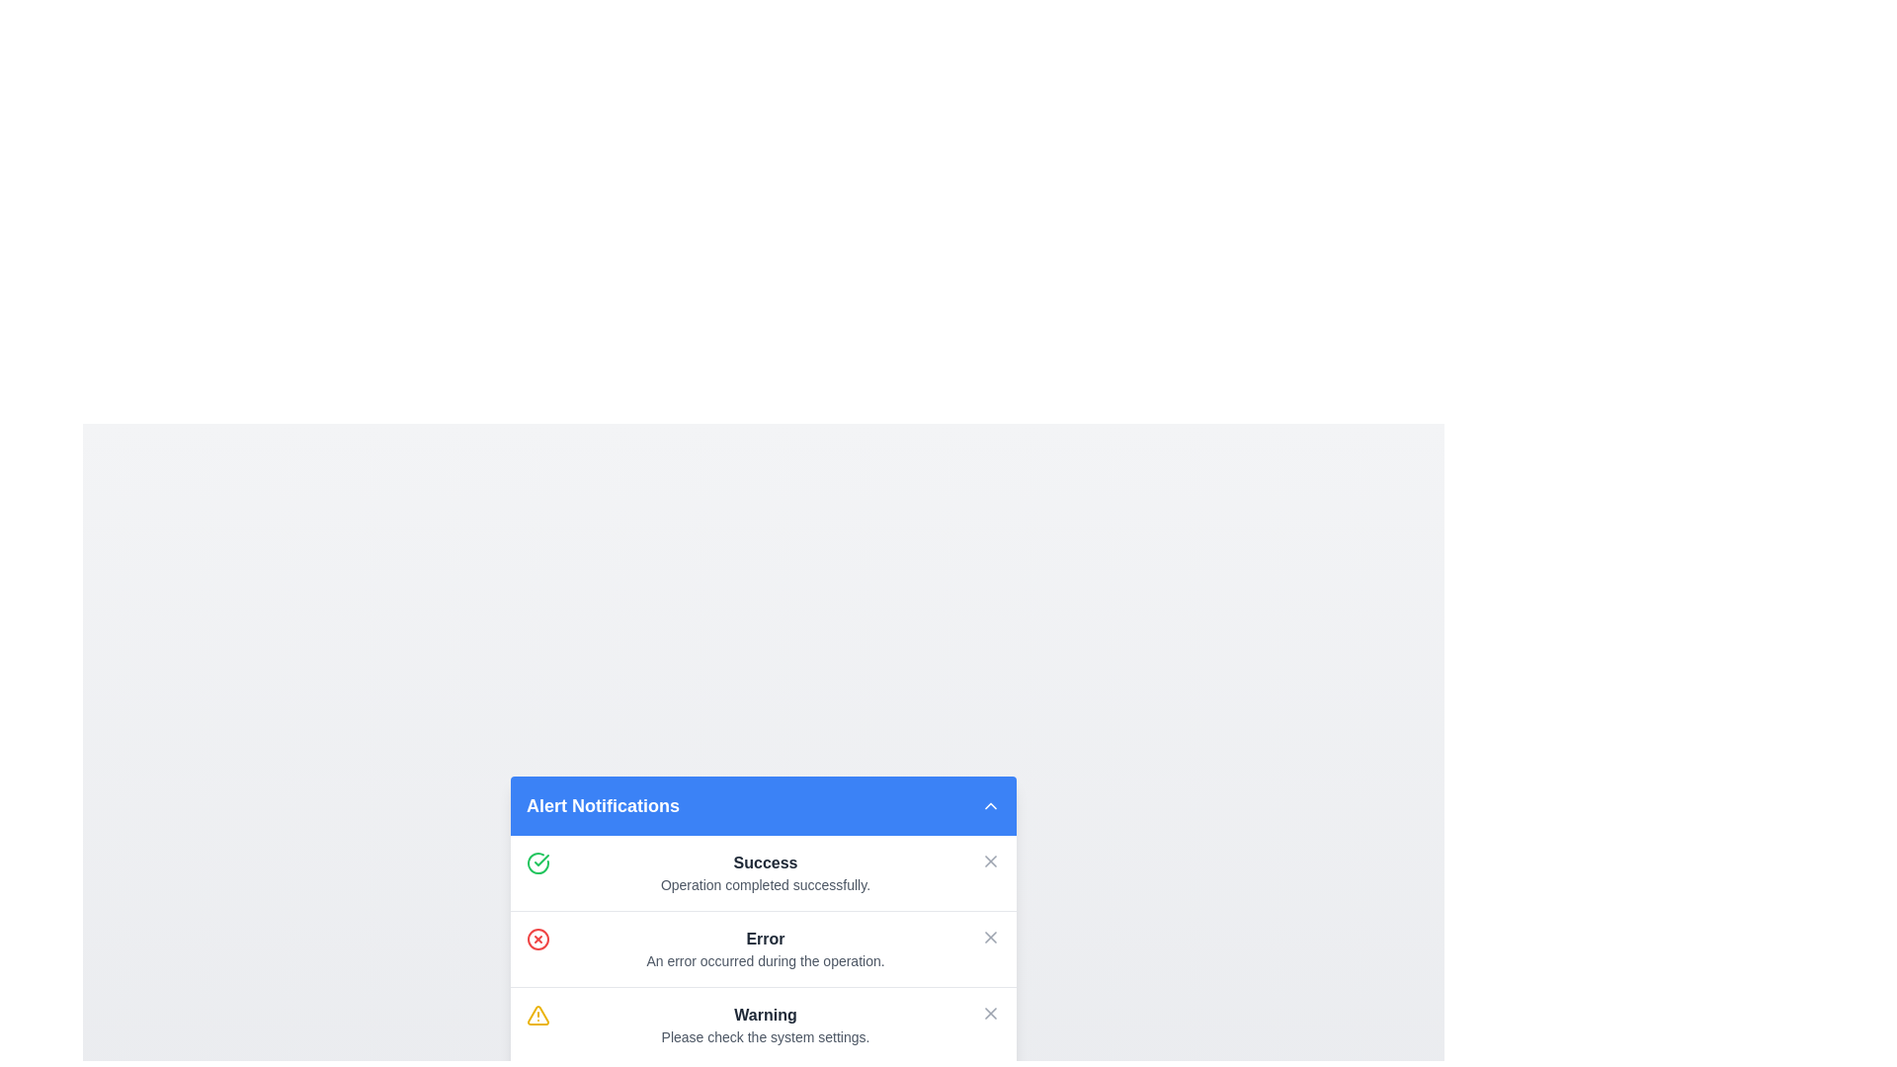 The height and width of the screenshot is (1067, 1897). Describe the element at coordinates (764, 937) in the screenshot. I see `the 'Error' text label located in the middle notification card, positioned between 'Success' and 'Warning'` at that location.